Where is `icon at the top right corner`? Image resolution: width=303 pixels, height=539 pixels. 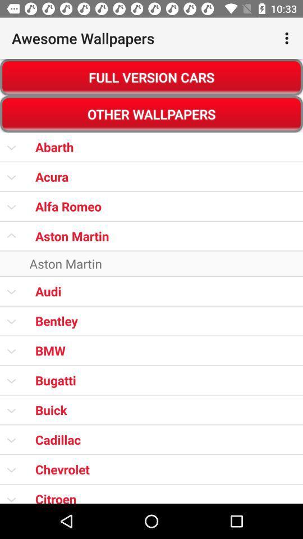
icon at the top right corner is located at coordinates (288, 38).